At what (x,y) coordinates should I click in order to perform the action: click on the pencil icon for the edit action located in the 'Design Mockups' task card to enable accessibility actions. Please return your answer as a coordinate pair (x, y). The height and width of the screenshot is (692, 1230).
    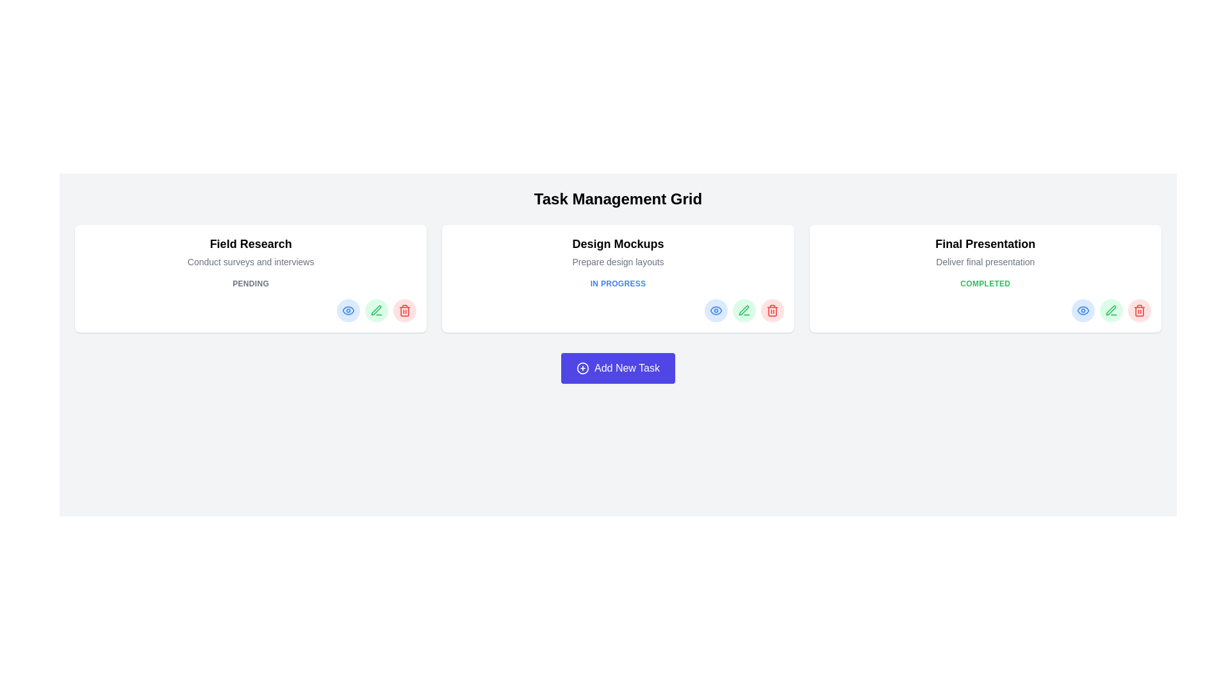
    Looking at the image, I should click on (744, 310).